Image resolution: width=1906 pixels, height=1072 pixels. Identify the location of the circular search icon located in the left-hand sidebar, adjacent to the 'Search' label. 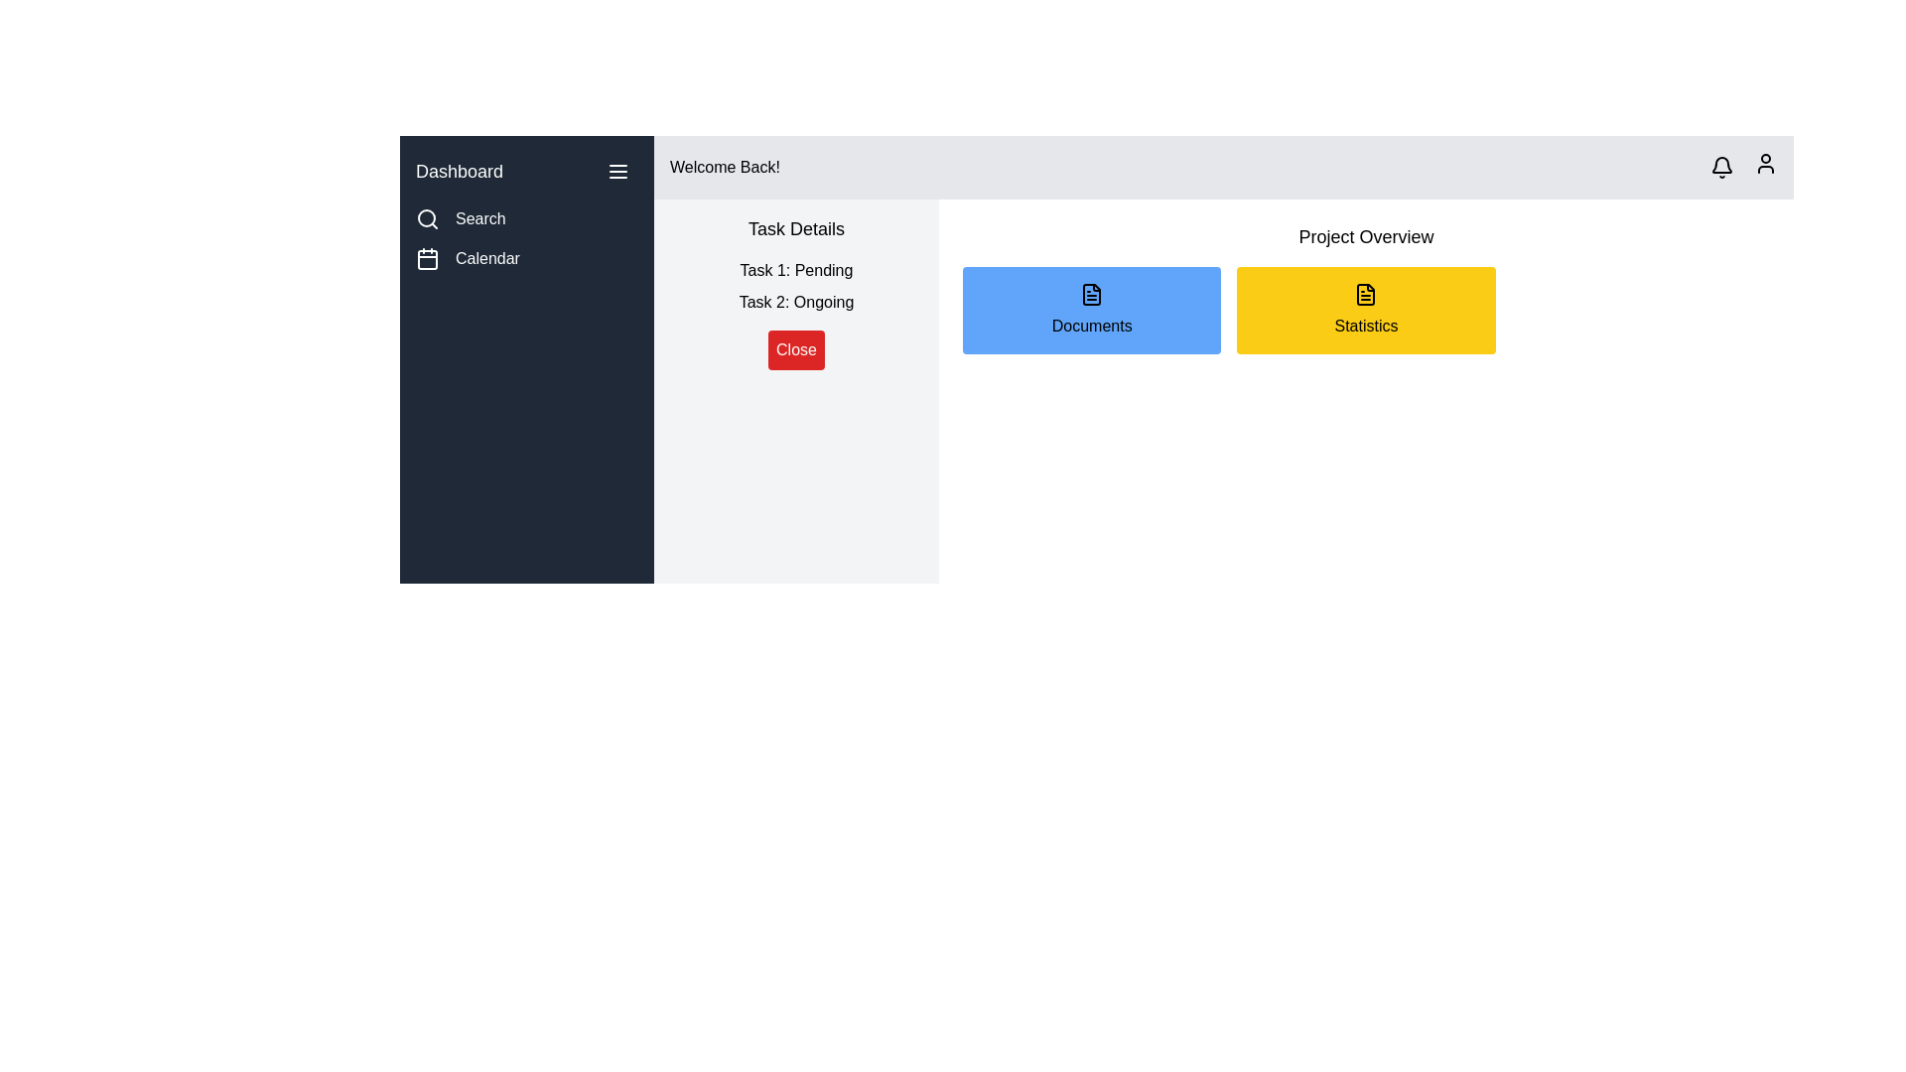
(426, 217).